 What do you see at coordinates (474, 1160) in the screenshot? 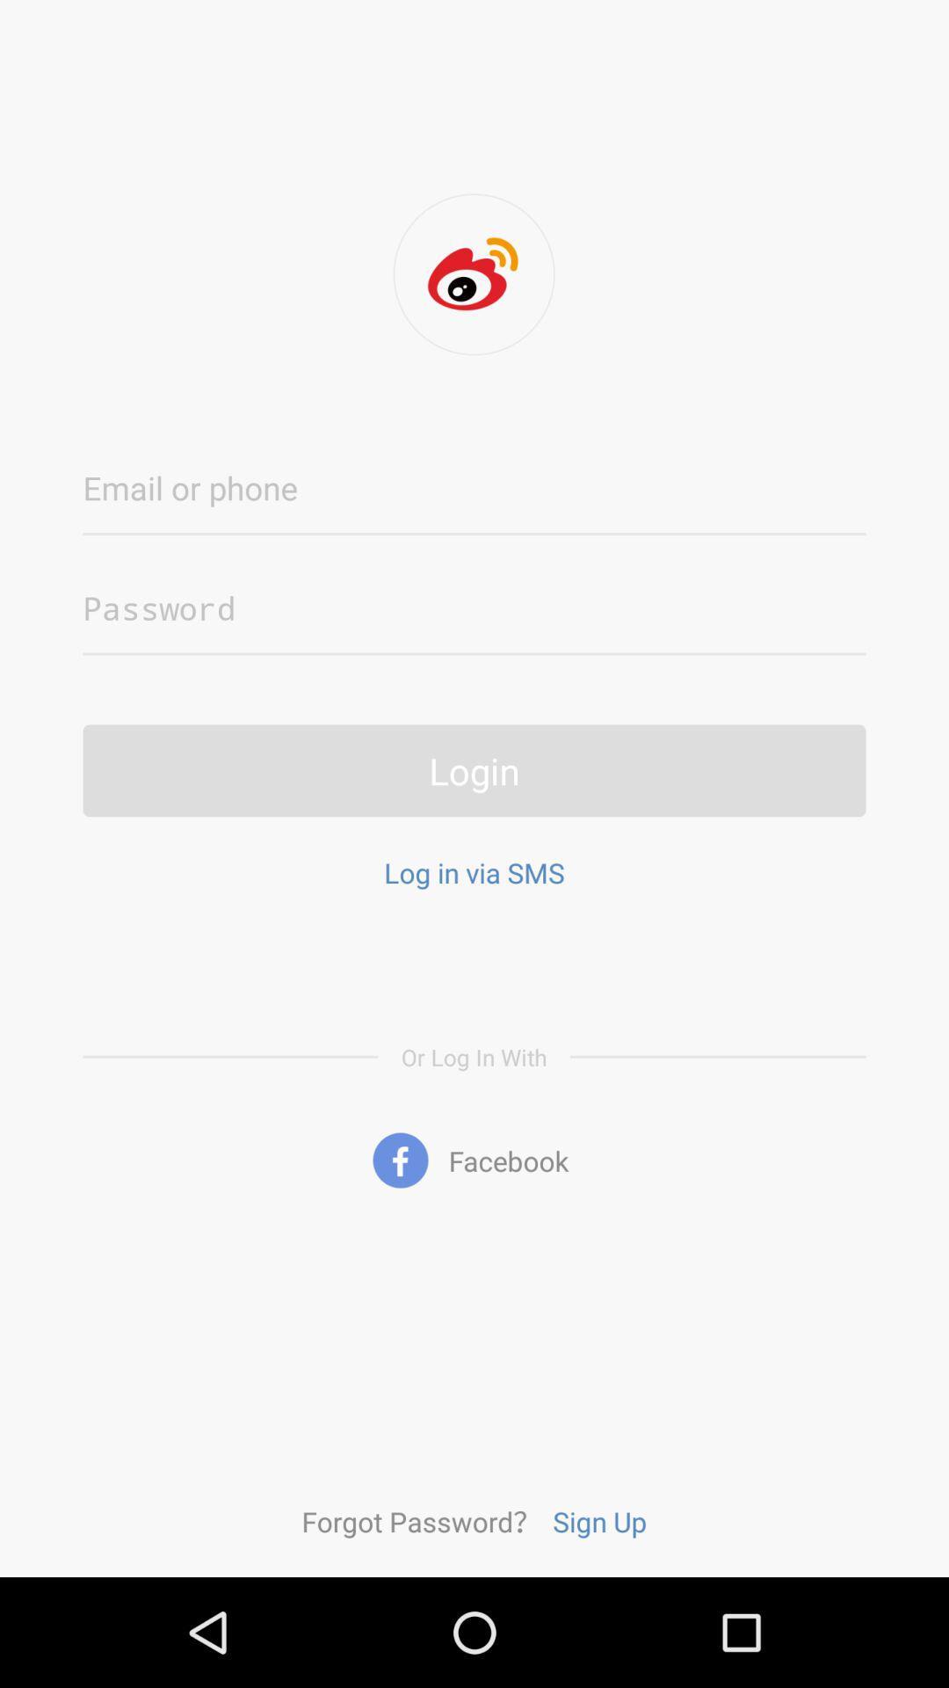
I see `facebook icon` at bounding box center [474, 1160].